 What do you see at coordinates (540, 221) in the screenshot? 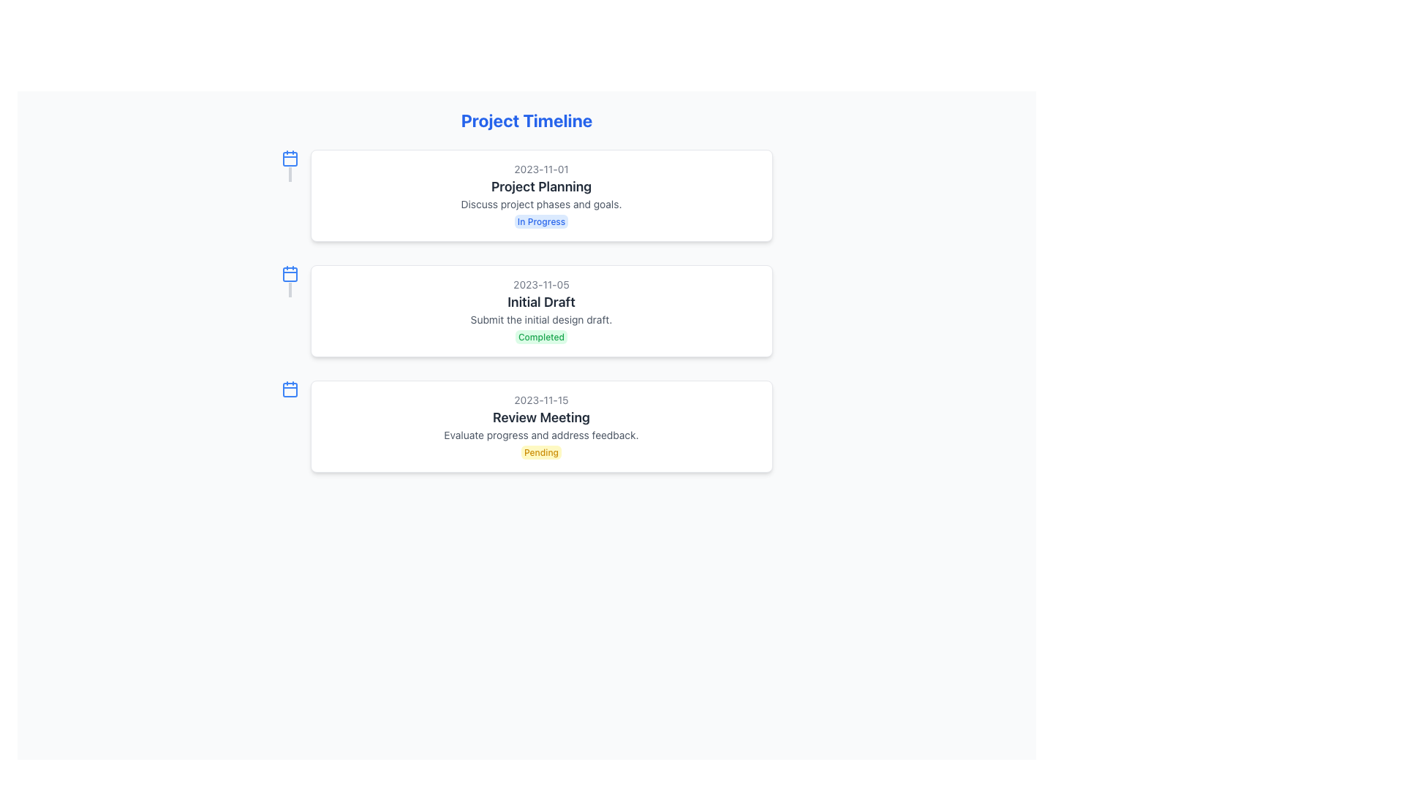
I see `the Status Indicator badge with 'In Progress' text, which is a small rectangular badge with rounded corners and a light blue background located at the bottom-right corner of the 'Project Planning' block` at bounding box center [540, 221].